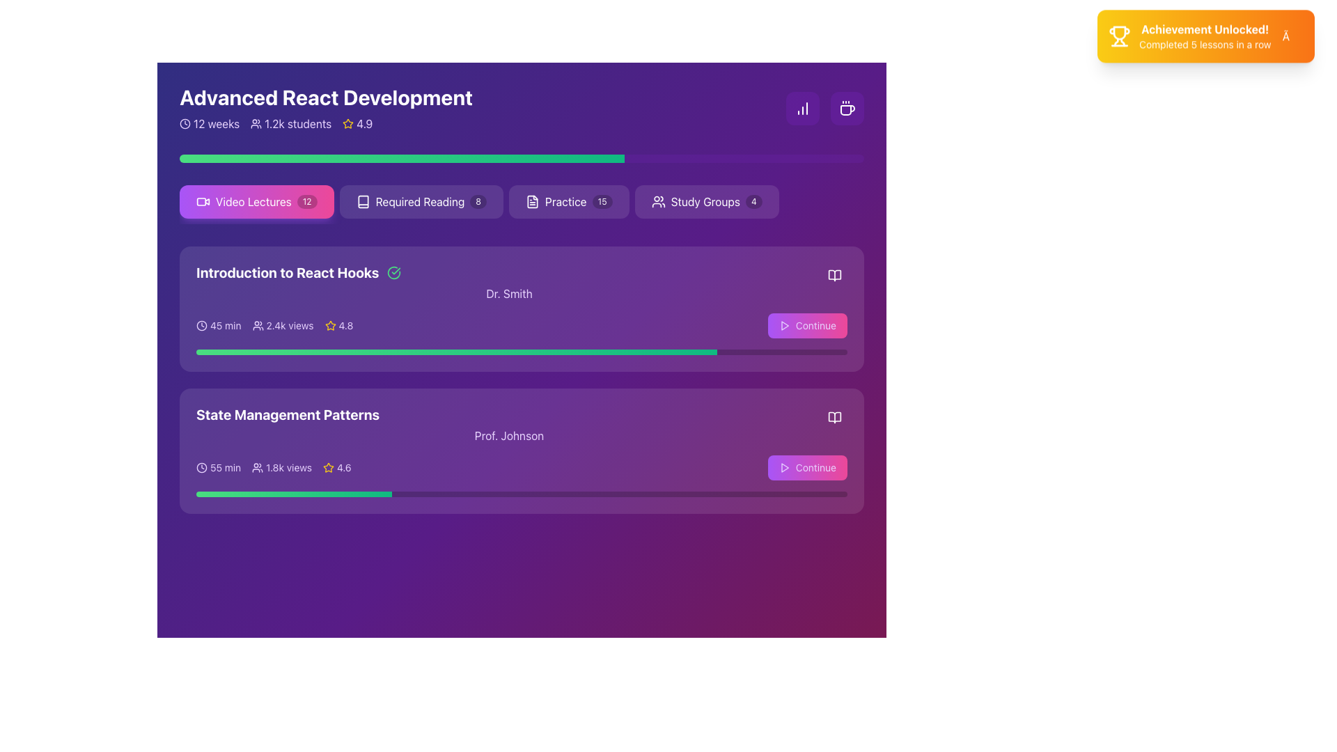 This screenshot has width=1337, height=752. What do you see at coordinates (201, 201) in the screenshot?
I see `the decorative element within the SVG icon that represents a media or video player, located on the right side of a rectangular card in the second row, slightly leftward of the 'Continue' button` at bounding box center [201, 201].